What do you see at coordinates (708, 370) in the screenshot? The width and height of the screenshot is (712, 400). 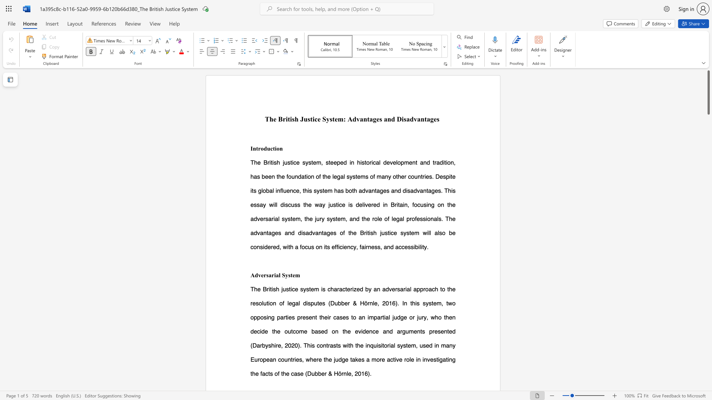 I see `the scrollbar to move the page downward` at bounding box center [708, 370].